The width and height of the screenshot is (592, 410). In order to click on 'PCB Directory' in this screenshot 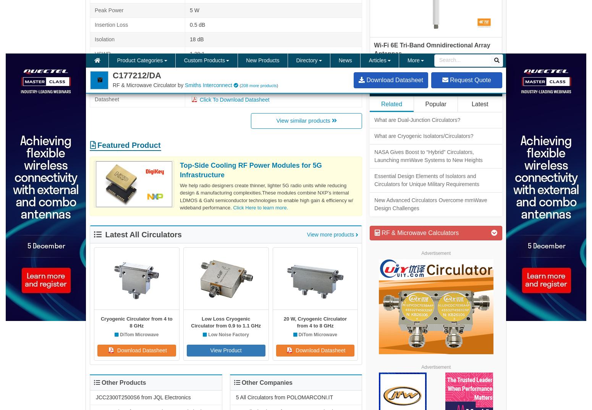, I will do `click(421, 240)`.